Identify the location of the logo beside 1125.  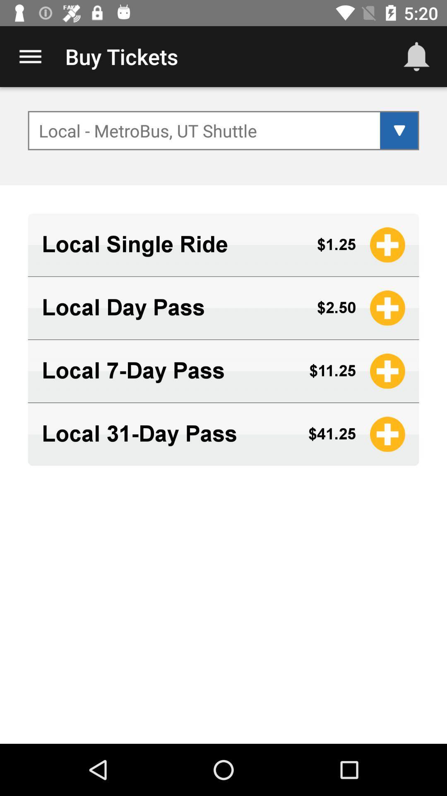
(387, 371).